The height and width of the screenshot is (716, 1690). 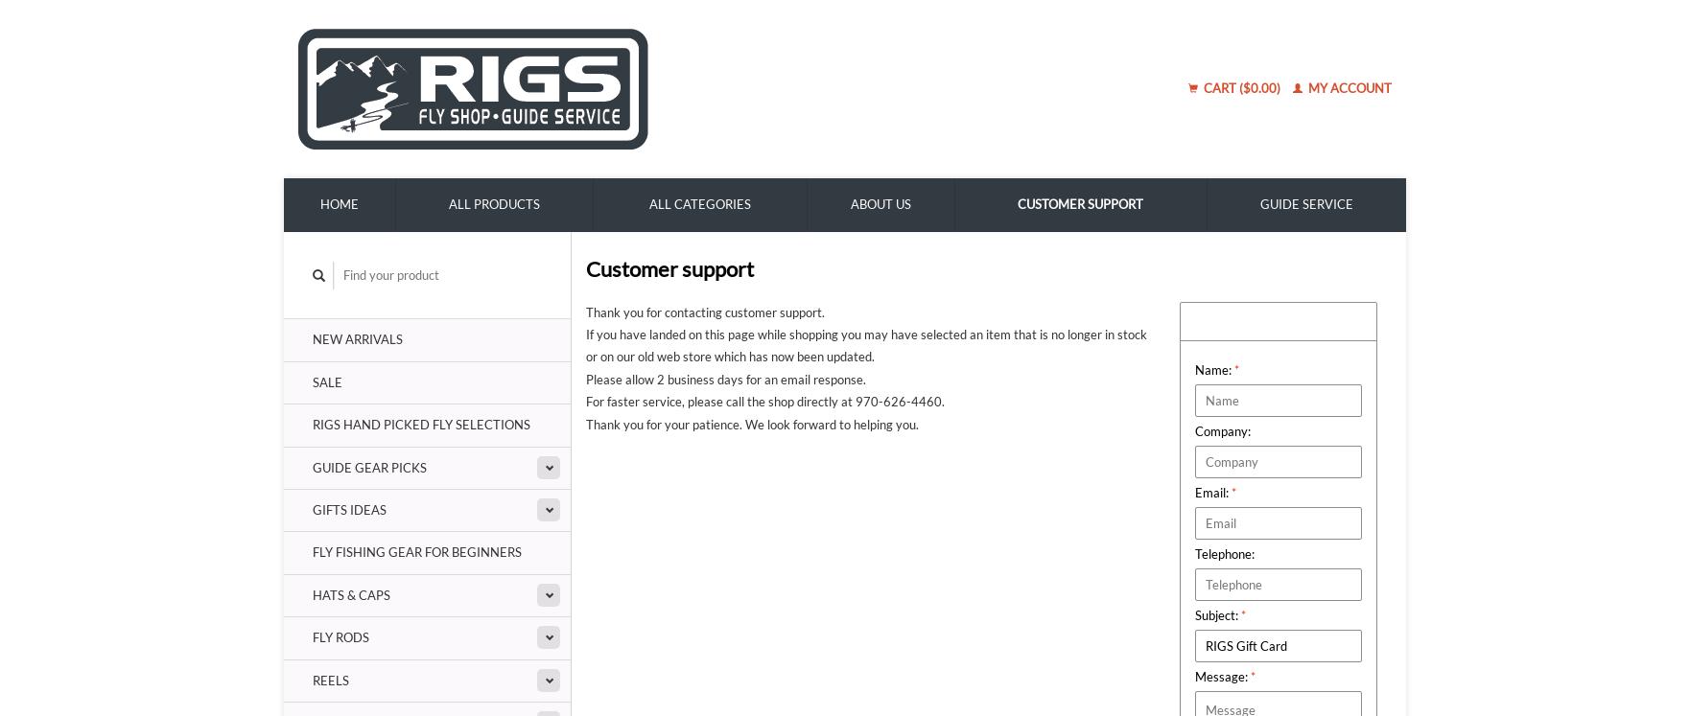 I want to click on 'New Arrivals', so click(x=312, y=339).